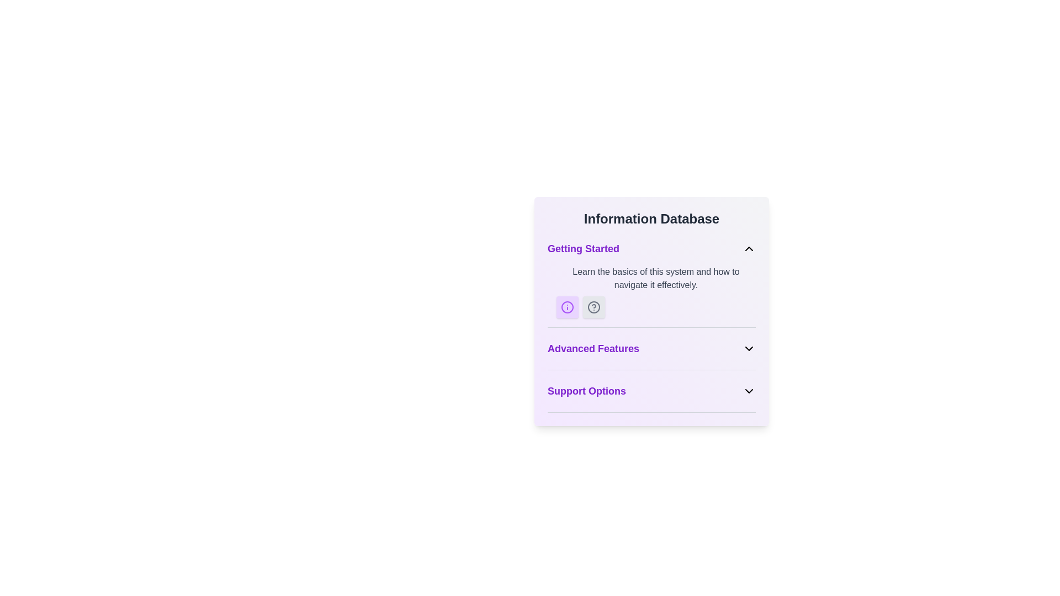 The height and width of the screenshot is (596, 1060). Describe the element at coordinates (593, 307) in the screenshot. I see `the decorative SVG circle element of the help icon located in the 'Getting Started' section under the 'Information Database' header` at that location.